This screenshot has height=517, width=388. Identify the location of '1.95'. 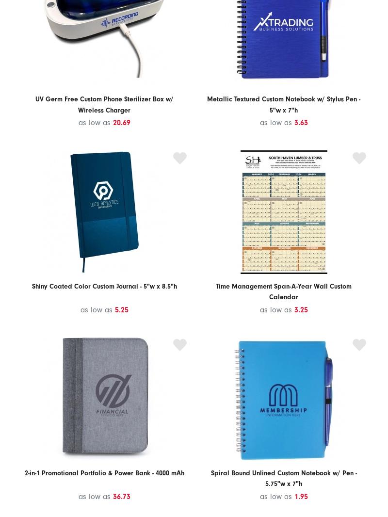
(301, 496).